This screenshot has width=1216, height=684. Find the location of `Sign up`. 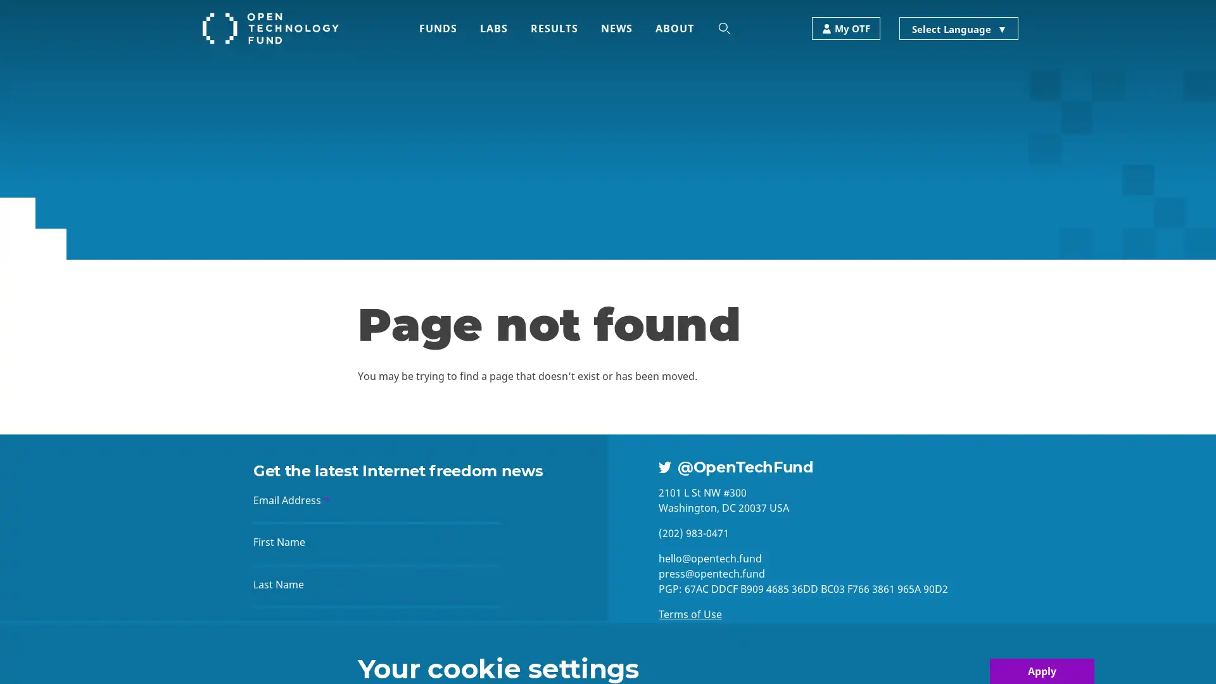

Sign up is located at coordinates (310, 640).